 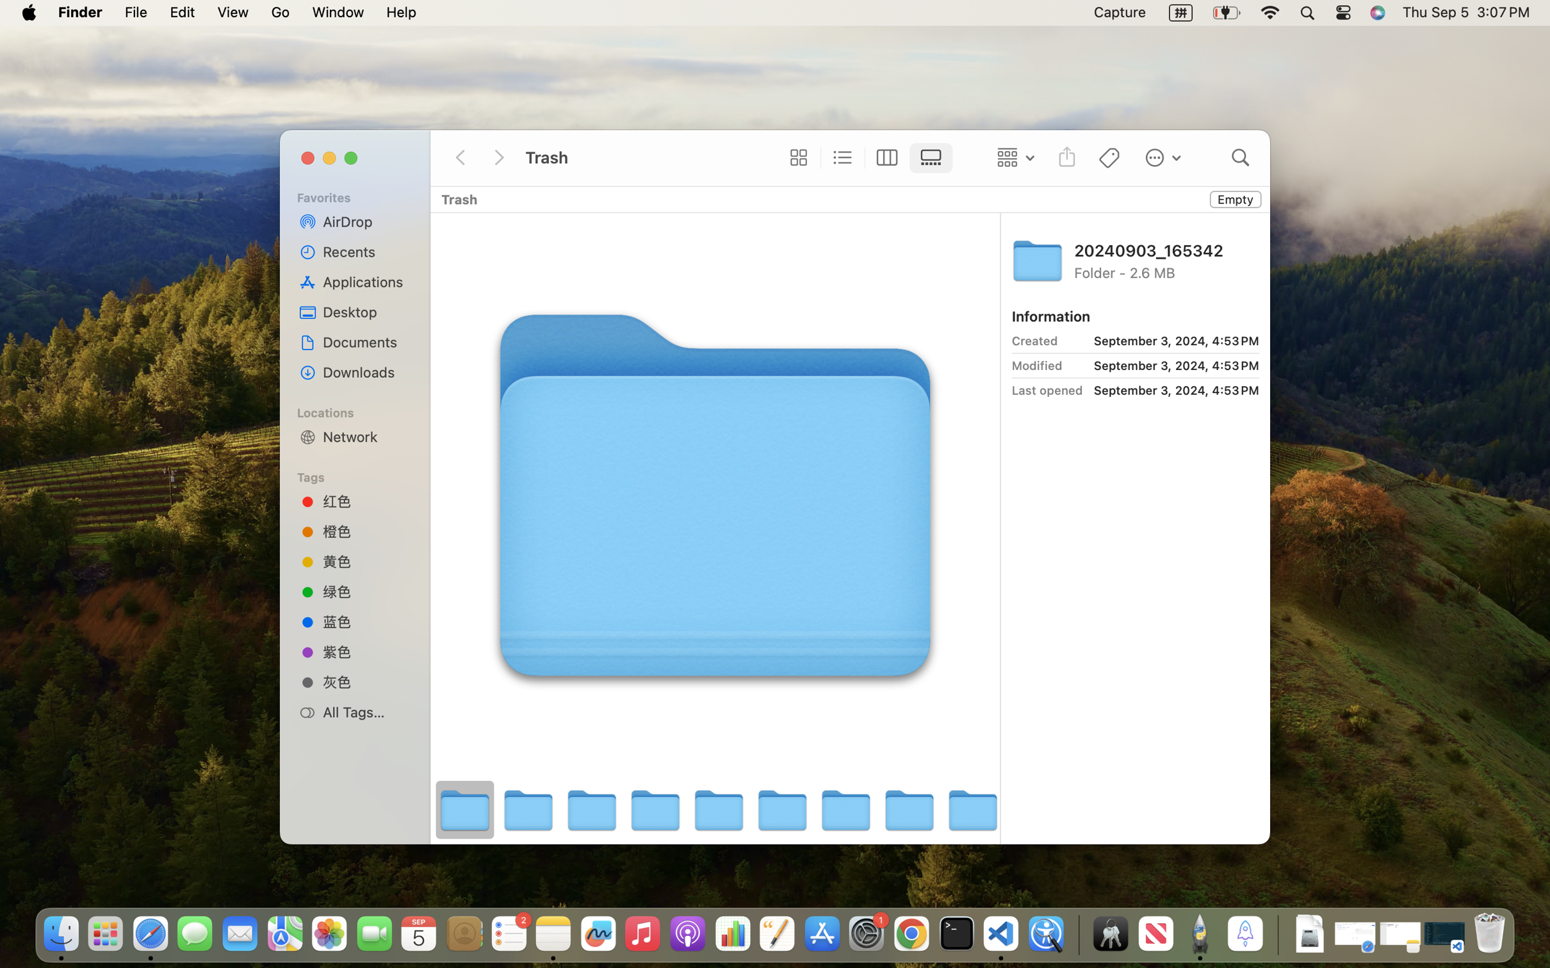 What do you see at coordinates (366, 371) in the screenshot?
I see `'Downloads'` at bounding box center [366, 371].